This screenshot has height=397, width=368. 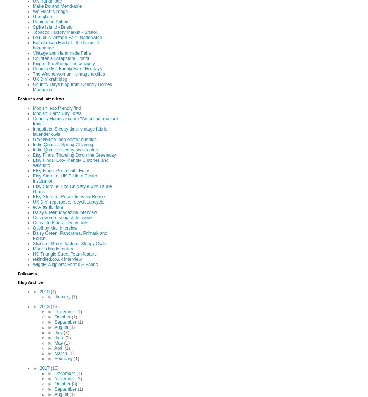 What do you see at coordinates (45, 368) in the screenshot?
I see `'2017'` at bounding box center [45, 368].